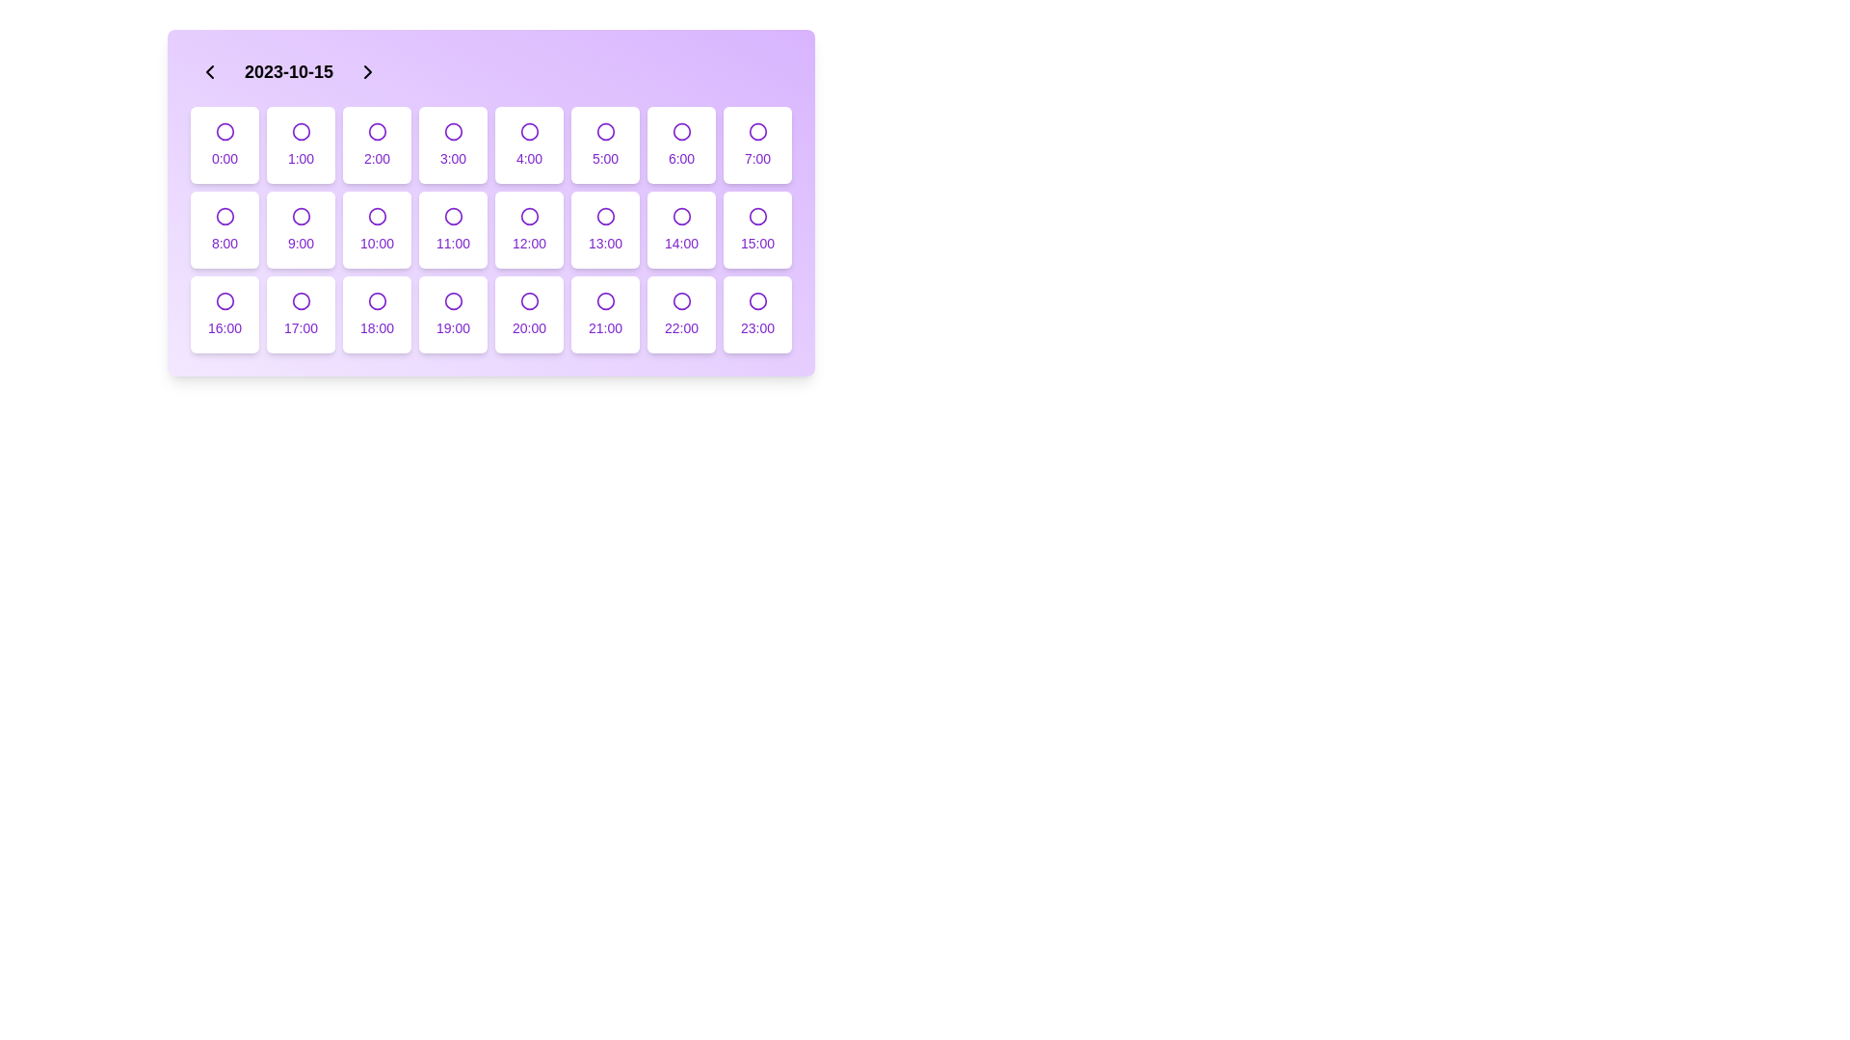 This screenshot has width=1850, height=1040. I want to click on the circular marker icon representing the time slot for '18:00', which is located in the fourth row and third column of the grid layout, so click(377, 300).